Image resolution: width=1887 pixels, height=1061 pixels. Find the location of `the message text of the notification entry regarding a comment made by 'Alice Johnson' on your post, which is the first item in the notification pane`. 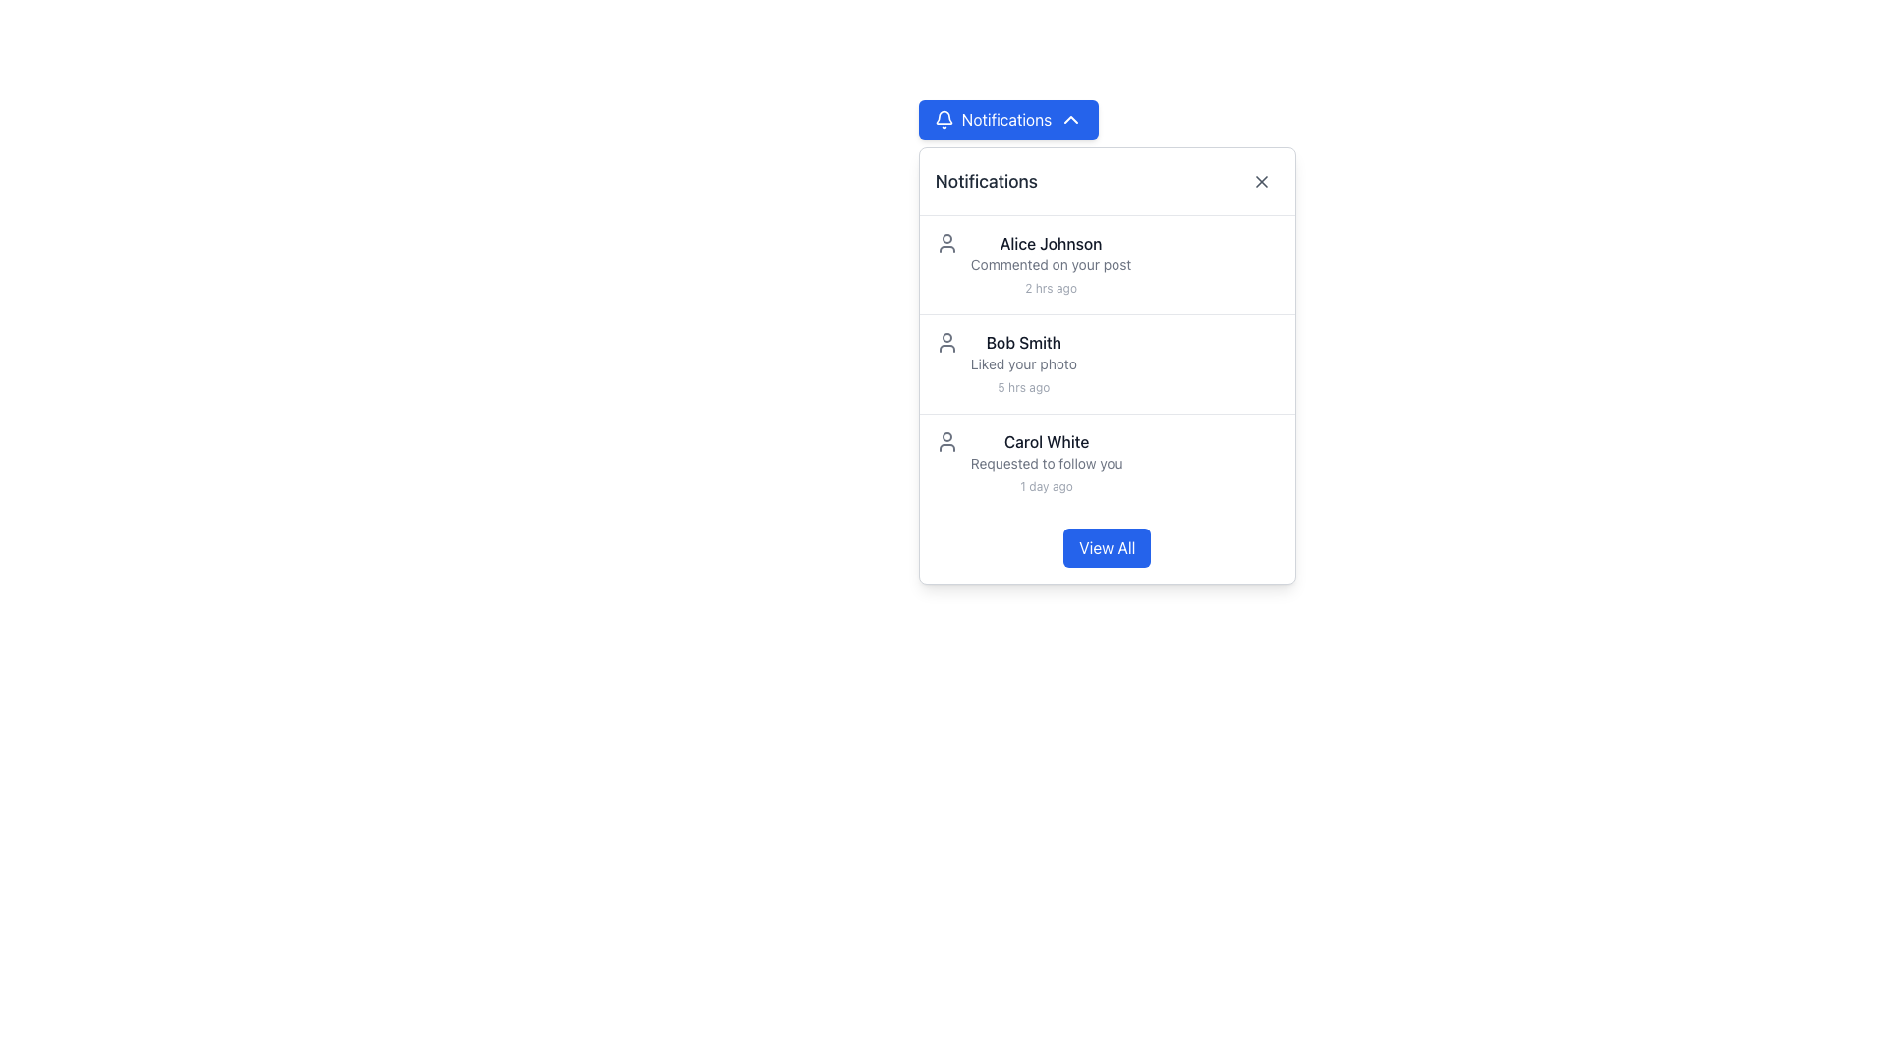

the message text of the notification entry regarding a comment made by 'Alice Johnson' on your post, which is the first item in the notification pane is located at coordinates (1050, 265).